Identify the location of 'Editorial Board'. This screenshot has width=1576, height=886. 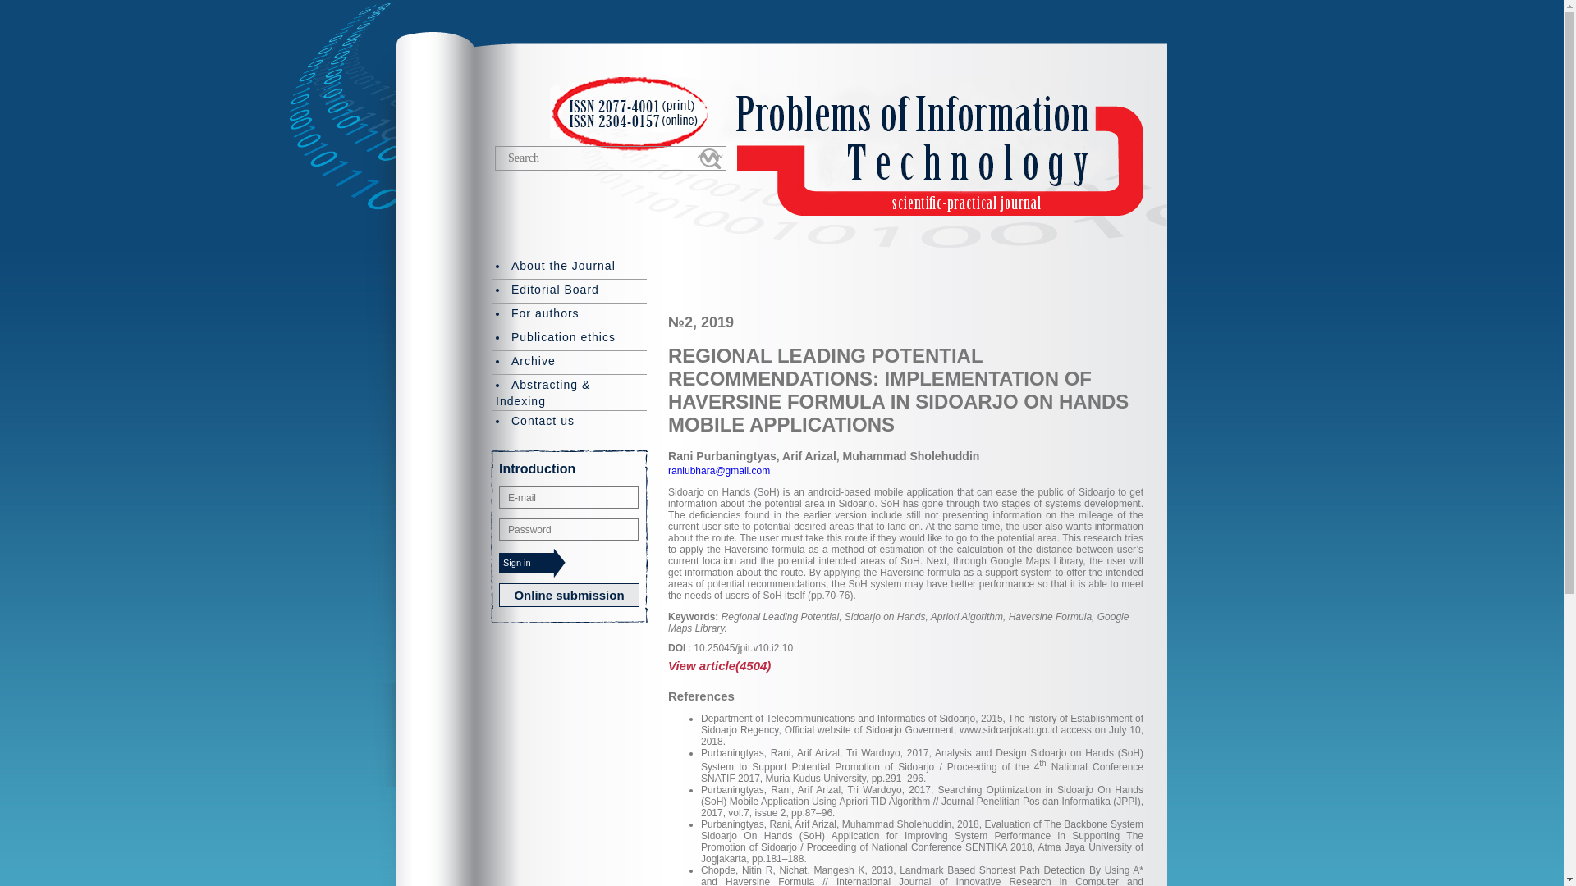
(569, 290).